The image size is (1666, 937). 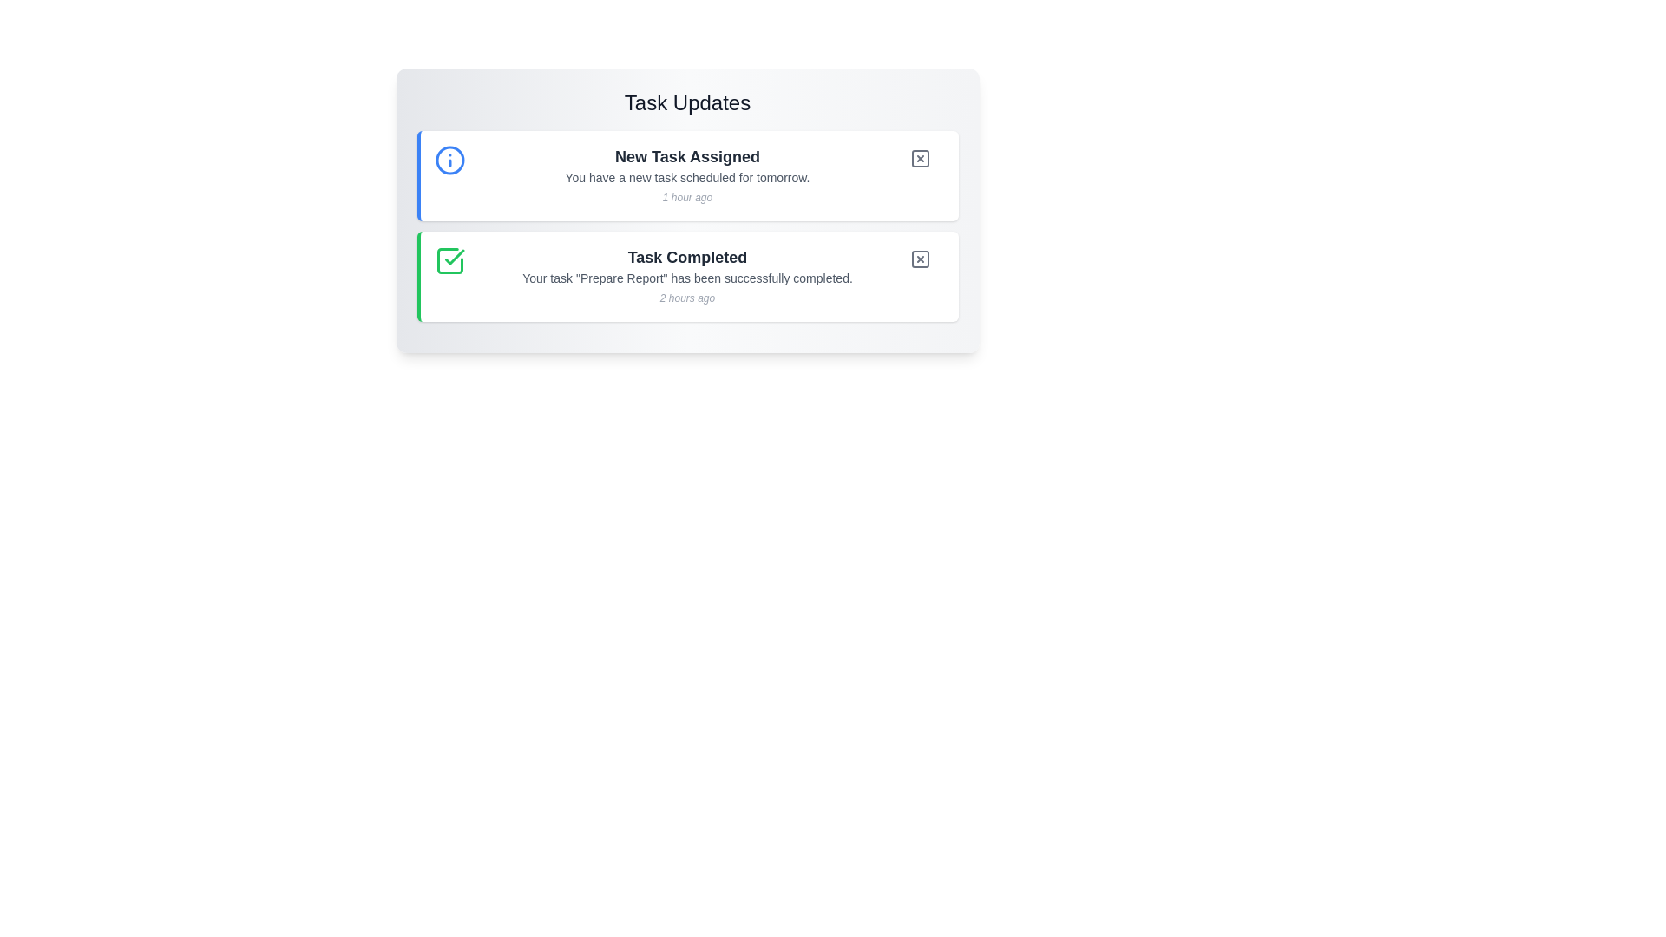 What do you see at coordinates (449, 161) in the screenshot?
I see `the circular icon with a blue outline that is part of the 'New Task Assigned' notification, located near the top-left of the first task card in the update list` at bounding box center [449, 161].